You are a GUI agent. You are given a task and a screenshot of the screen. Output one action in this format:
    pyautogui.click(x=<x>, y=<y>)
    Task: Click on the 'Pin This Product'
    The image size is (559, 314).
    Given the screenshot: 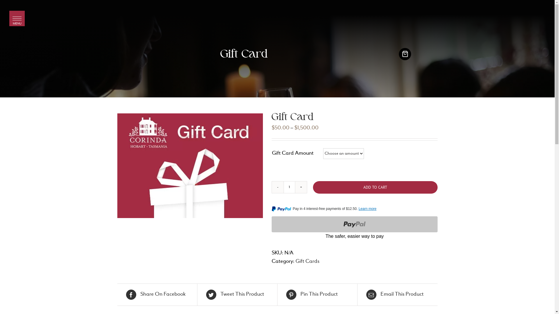 What is the action you would take?
    pyautogui.click(x=317, y=295)
    